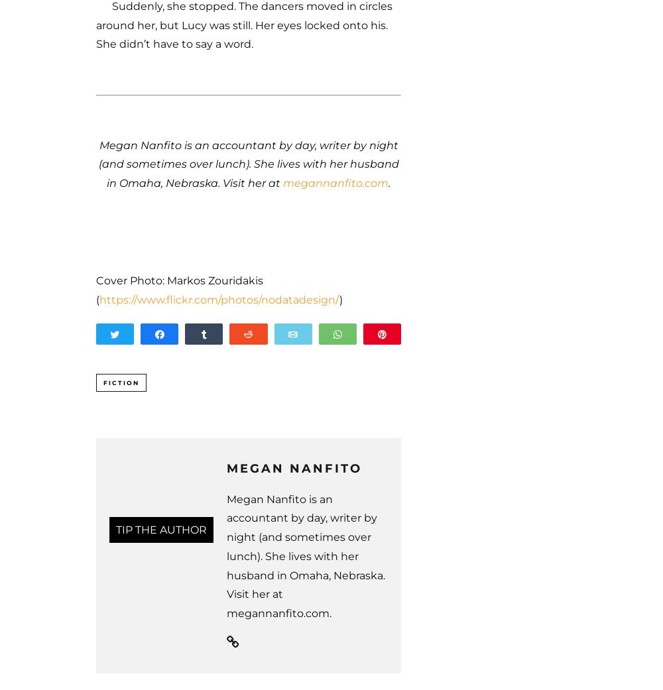 The width and height of the screenshot is (663, 690). What do you see at coordinates (219, 299) in the screenshot?
I see `'https://www.flickr.com/photos/nodatadesign/'` at bounding box center [219, 299].